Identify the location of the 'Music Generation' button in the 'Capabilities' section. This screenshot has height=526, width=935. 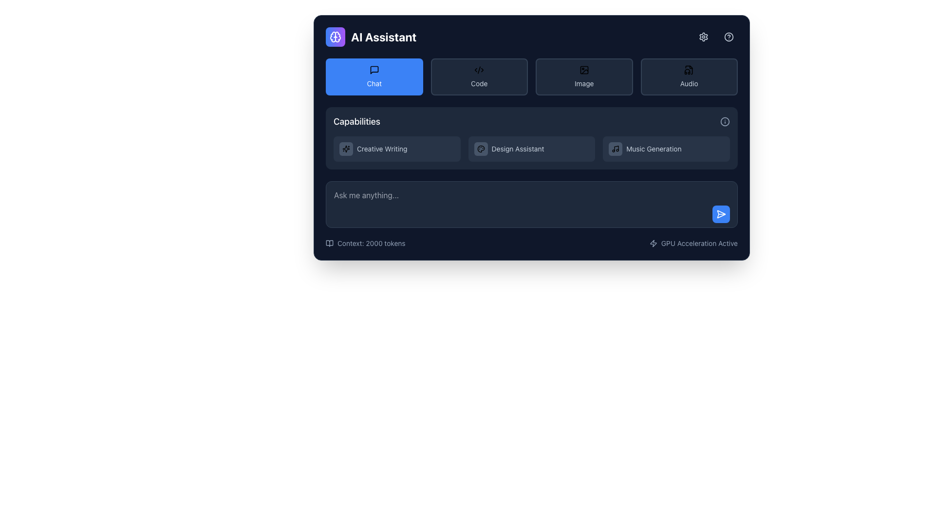
(666, 149).